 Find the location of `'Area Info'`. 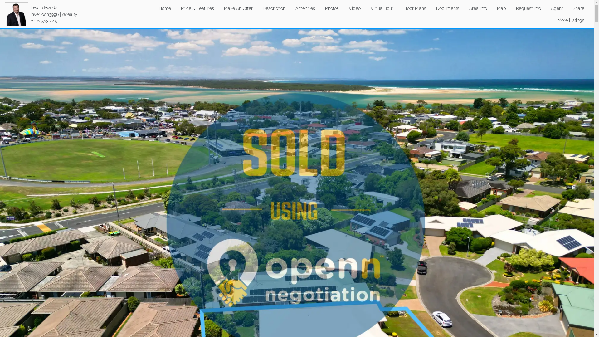

'Area Info' is located at coordinates (478, 8).